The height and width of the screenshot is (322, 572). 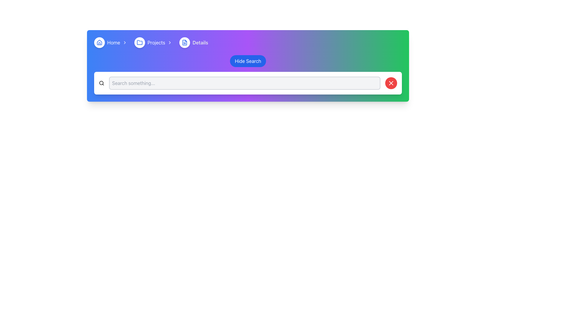 I want to click on the toggle button located centrally at the top of the interface to interact with the search bar below it, so click(x=248, y=61).